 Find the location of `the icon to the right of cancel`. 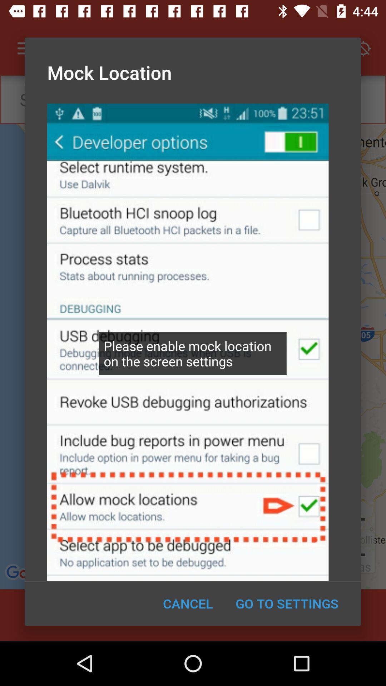

the icon to the right of cancel is located at coordinates (287, 603).